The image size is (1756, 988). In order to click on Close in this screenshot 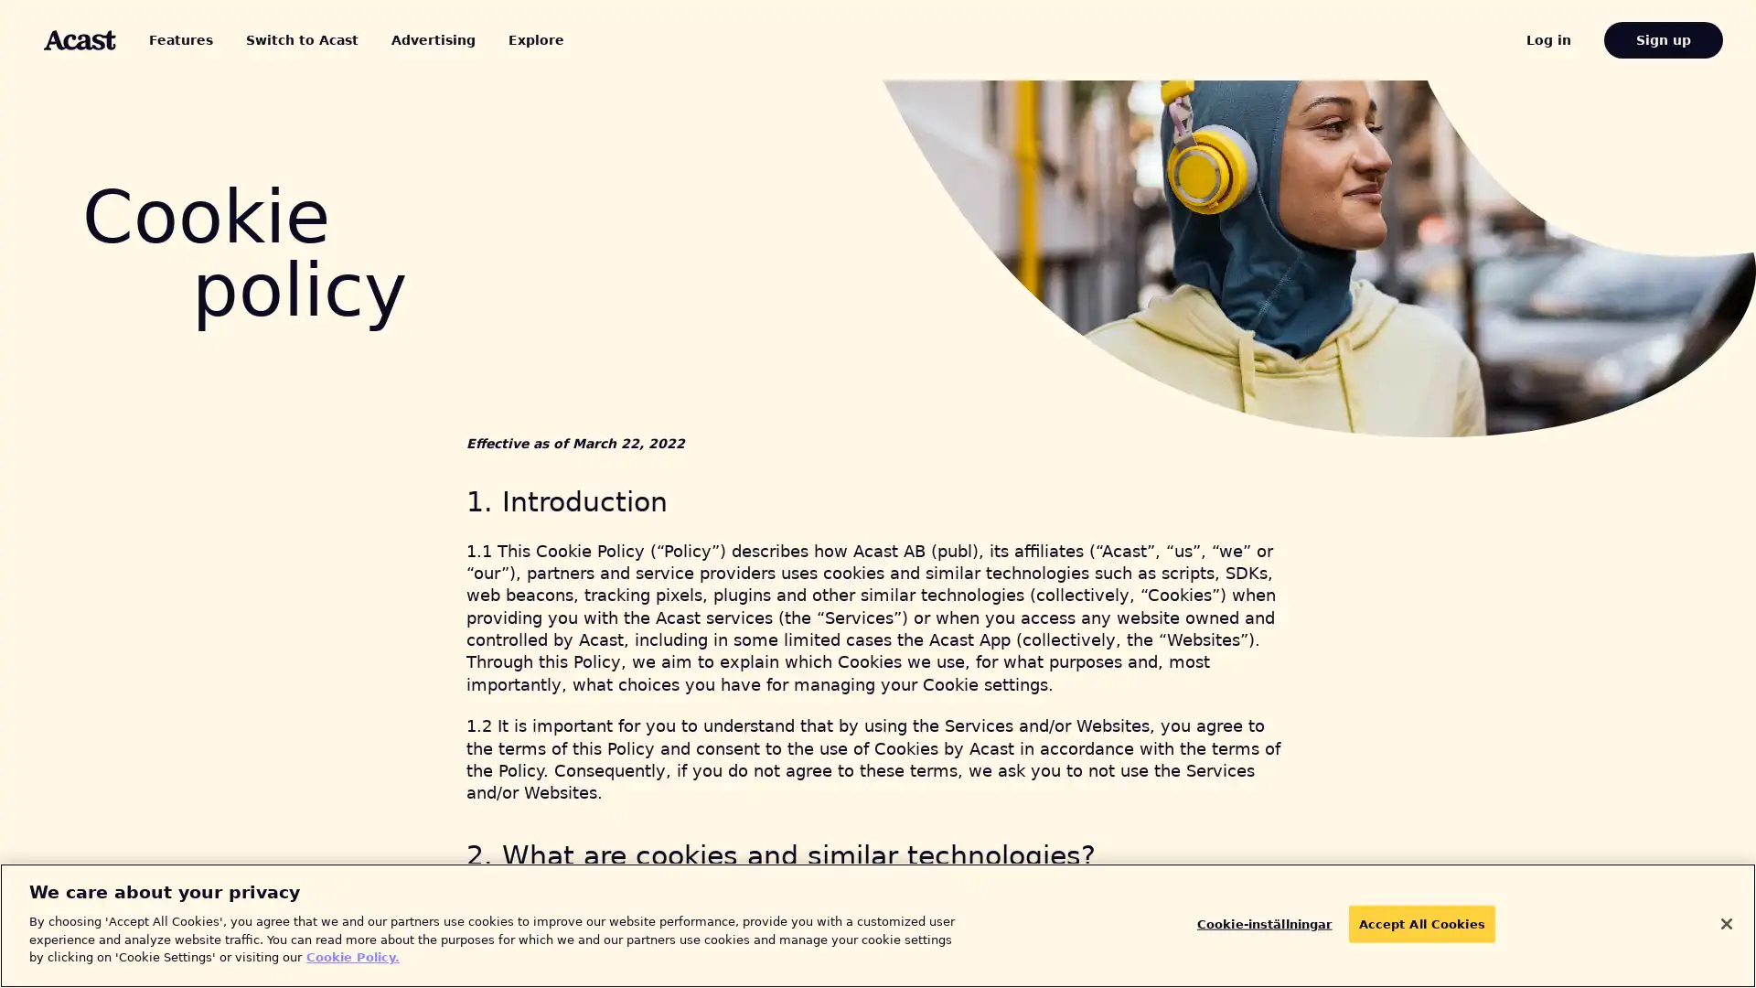, I will do `click(1725, 923)`.